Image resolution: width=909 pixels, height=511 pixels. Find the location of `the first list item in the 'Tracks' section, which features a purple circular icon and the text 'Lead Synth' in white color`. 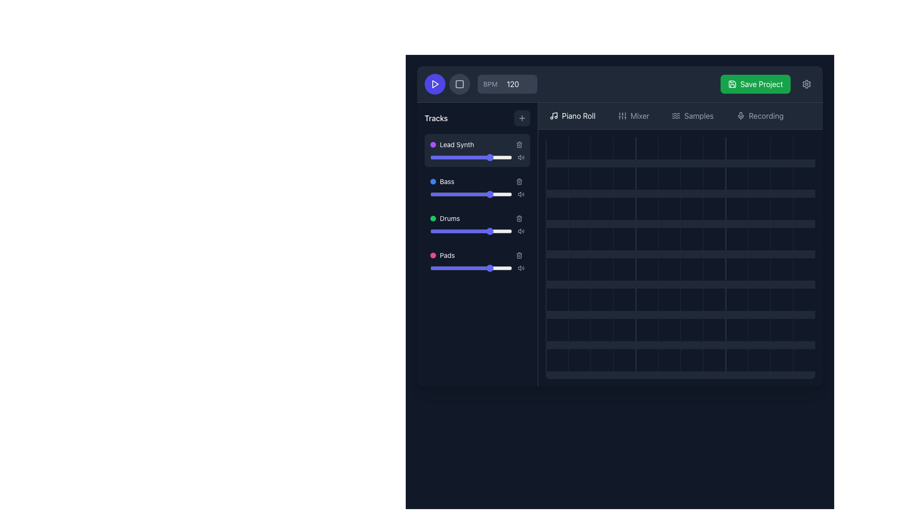

the first list item in the 'Tracks' section, which features a purple circular icon and the text 'Lead Synth' in white color is located at coordinates (452, 144).